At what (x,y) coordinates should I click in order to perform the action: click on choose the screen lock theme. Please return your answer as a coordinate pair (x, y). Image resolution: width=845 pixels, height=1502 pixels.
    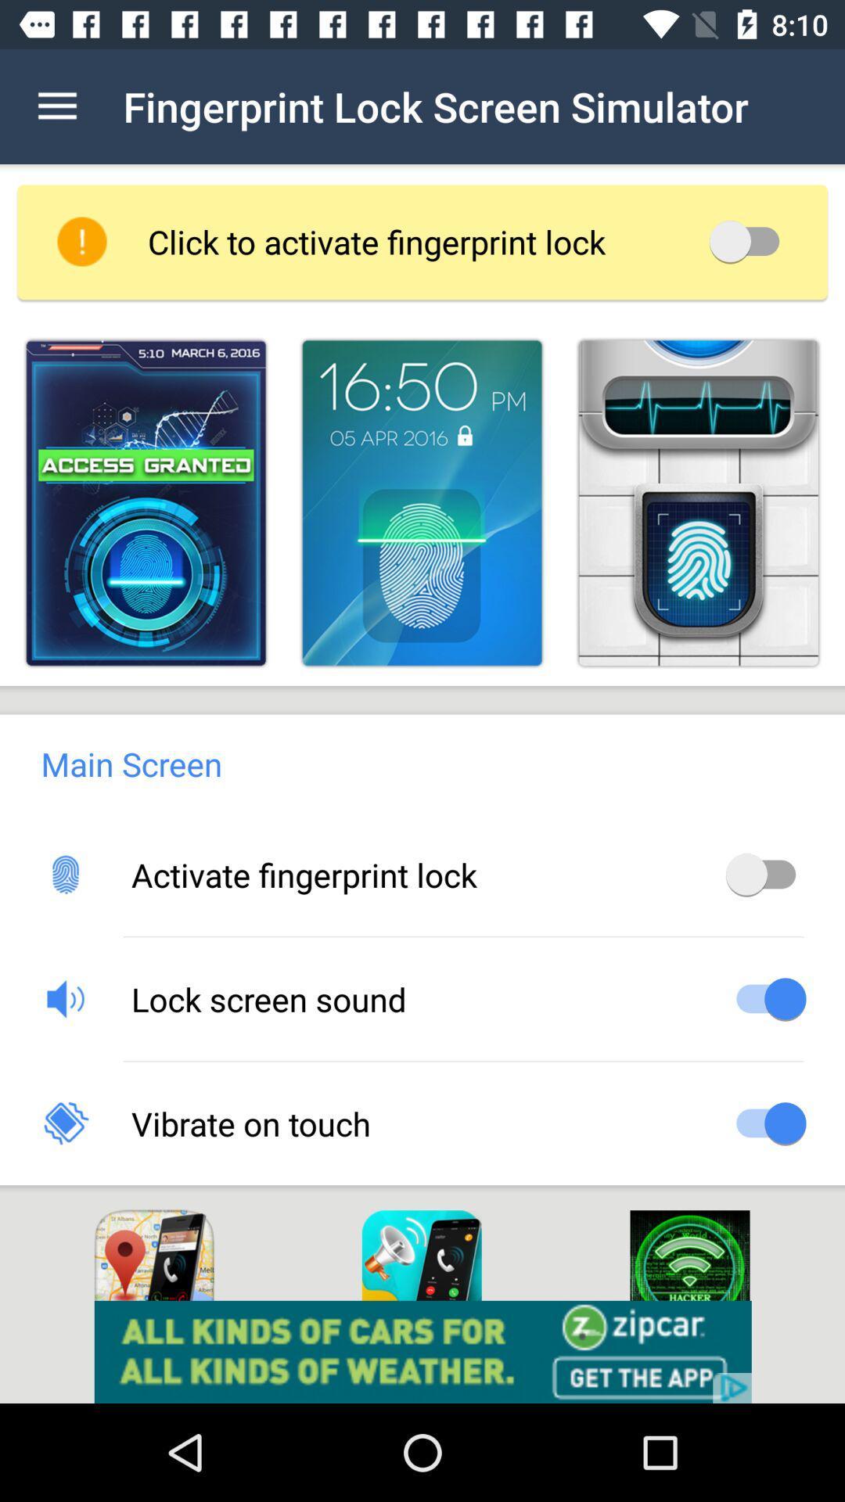
    Looking at the image, I should click on (146, 503).